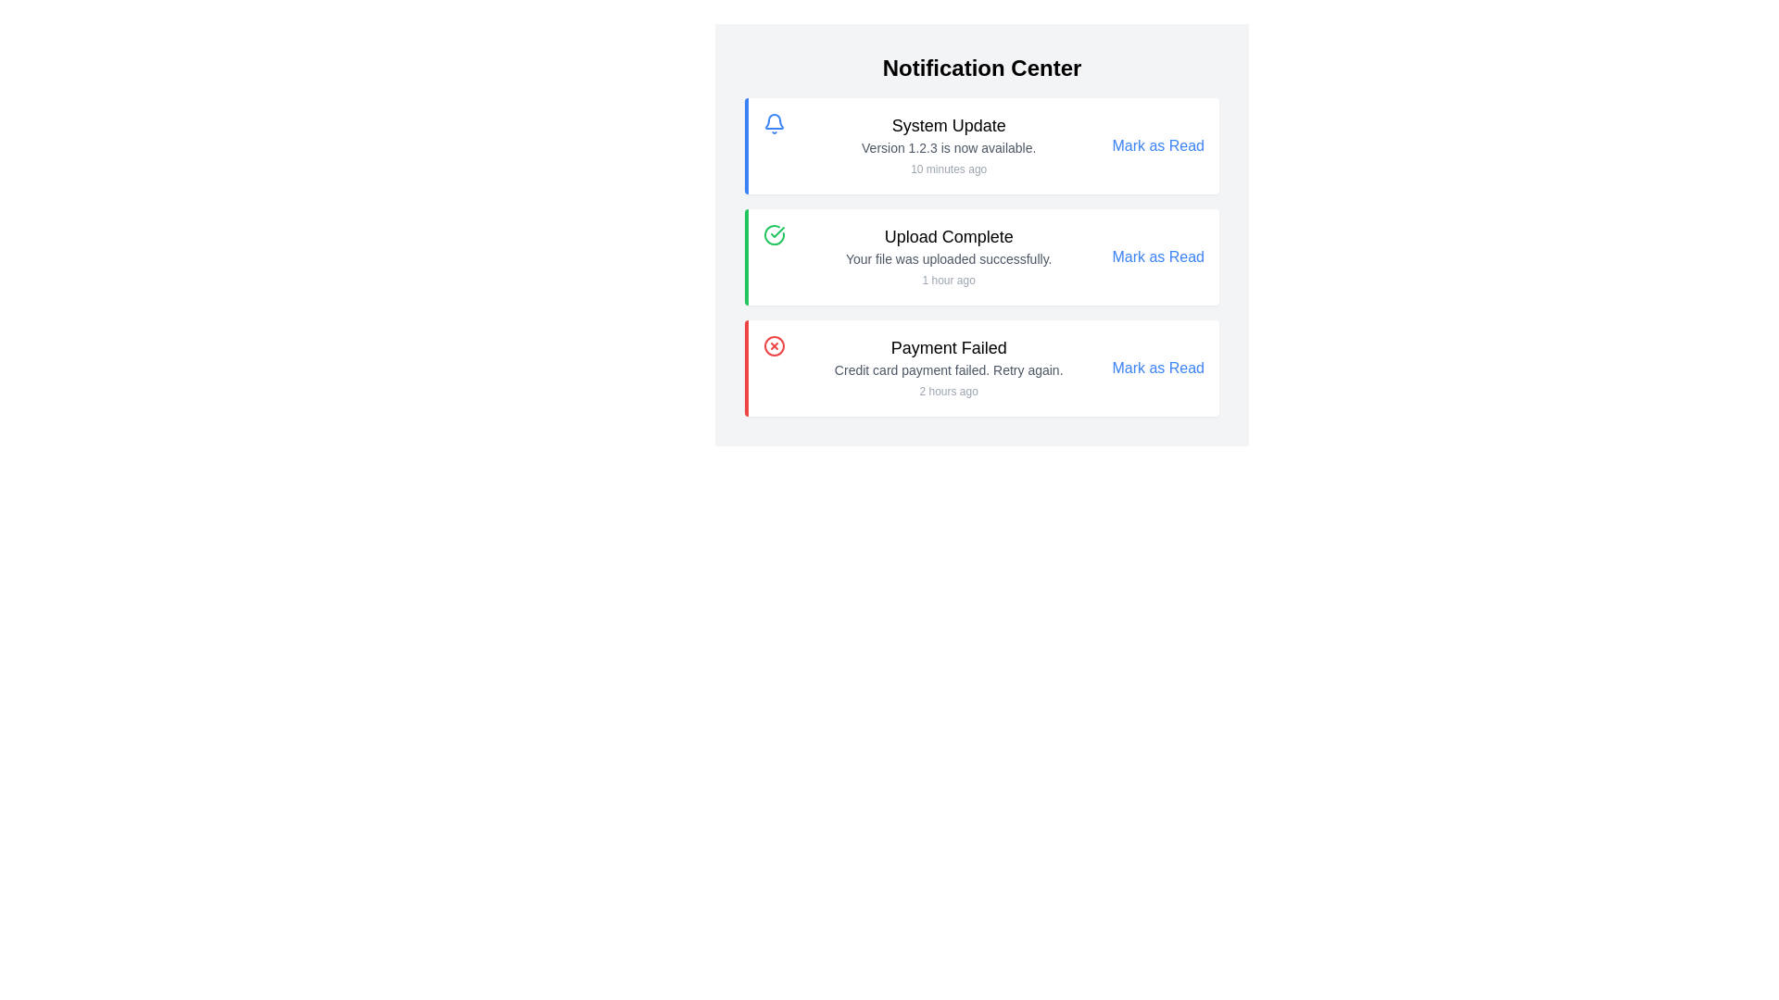 The height and width of the screenshot is (1000, 1779). Describe the element at coordinates (981, 67) in the screenshot. I see `the 'Notification Center' text header, which features large, bold, black text in a modern sans-serif font, positioned at the top of the centered list layout` at that location.